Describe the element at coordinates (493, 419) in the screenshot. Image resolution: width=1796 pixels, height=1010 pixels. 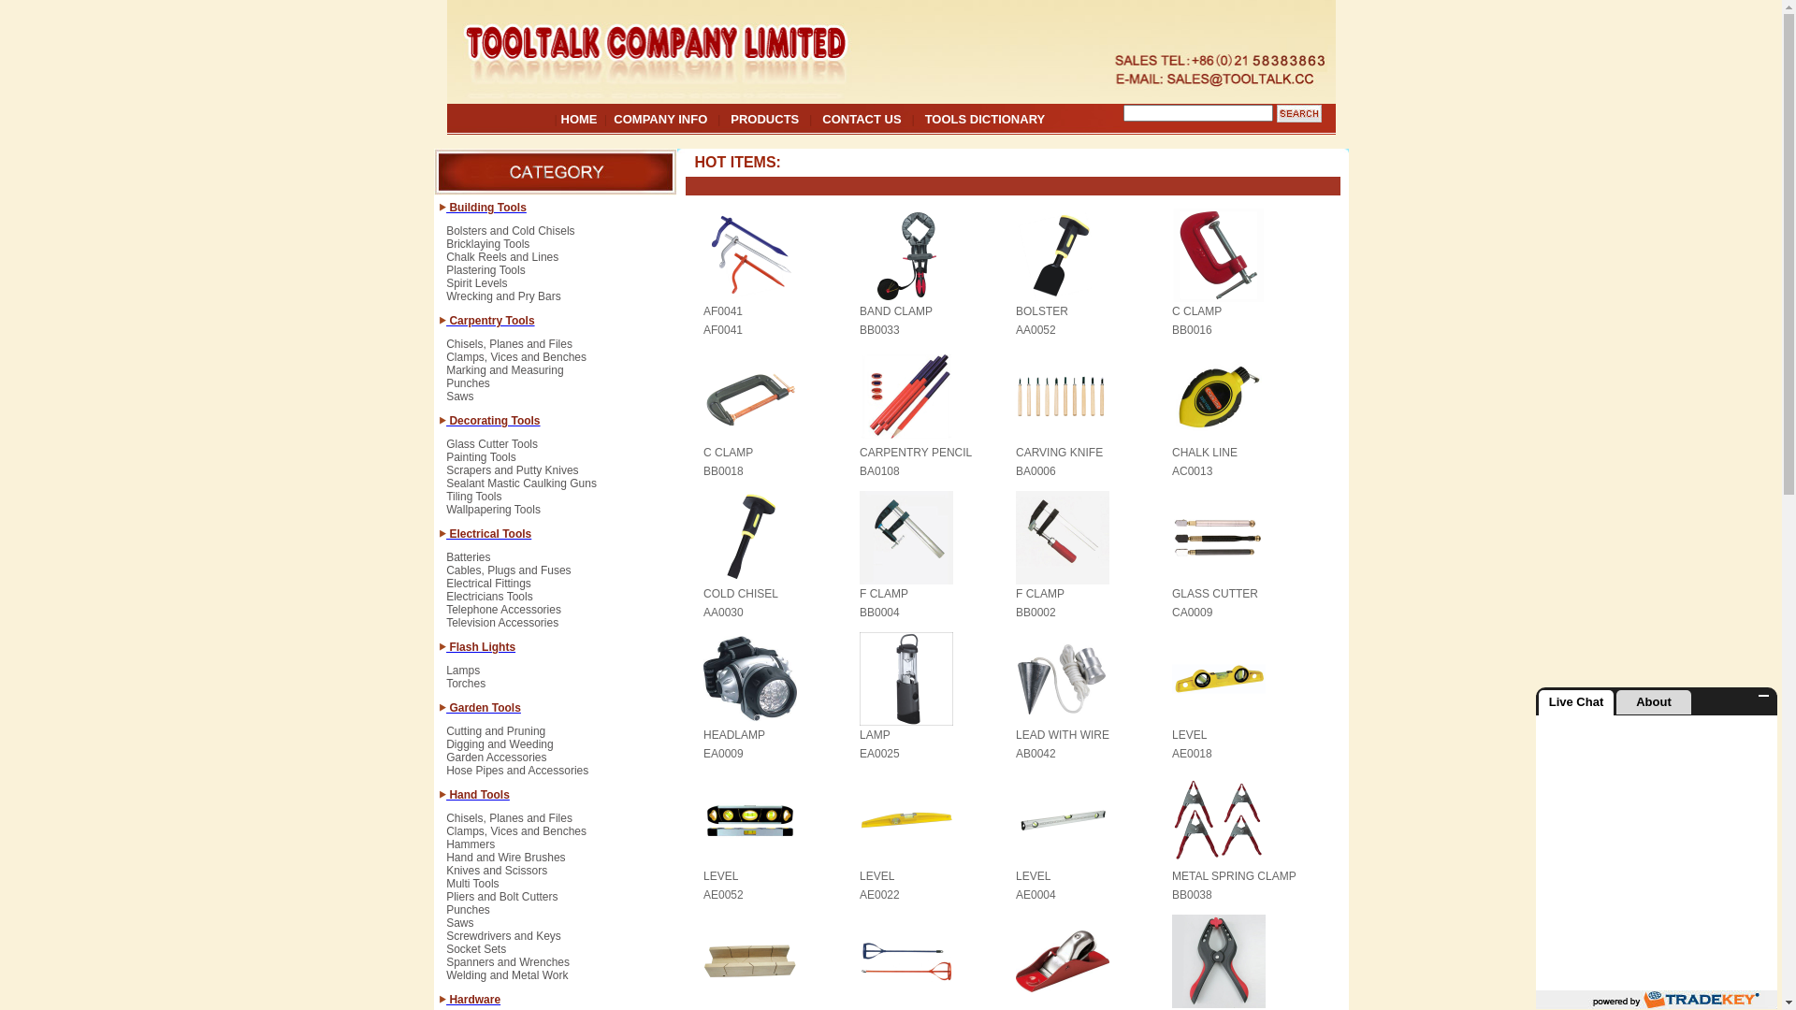
I see `'Decorating Tools'` at that location.